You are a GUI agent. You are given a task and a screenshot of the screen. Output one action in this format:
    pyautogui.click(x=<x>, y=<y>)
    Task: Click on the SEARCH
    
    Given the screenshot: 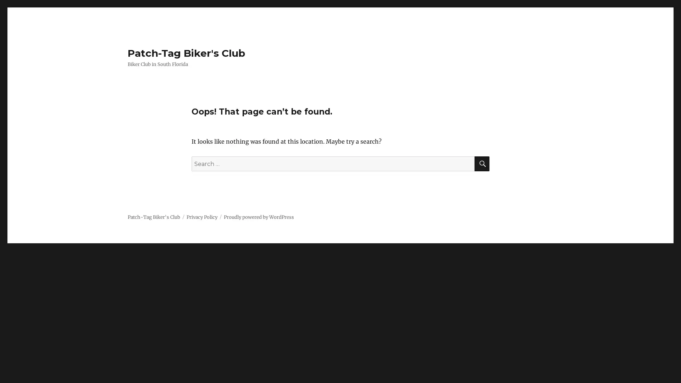 What is the action you would take?
    pyautogui.click(x=482, y=164)
    